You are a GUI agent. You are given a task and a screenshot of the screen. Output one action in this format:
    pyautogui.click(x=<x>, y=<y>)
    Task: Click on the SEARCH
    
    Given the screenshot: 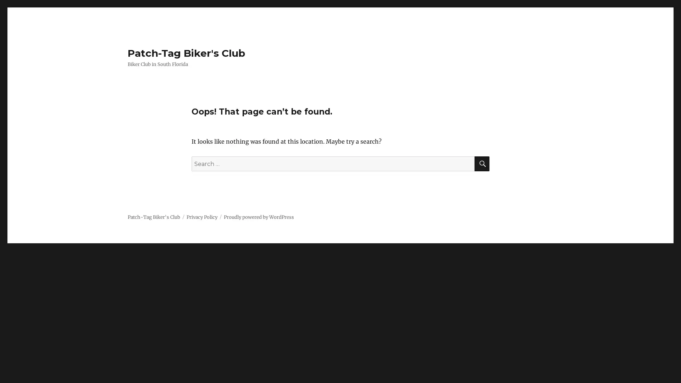 What is the action you would take?
    pyautogui.click(x=482, y=164)
    